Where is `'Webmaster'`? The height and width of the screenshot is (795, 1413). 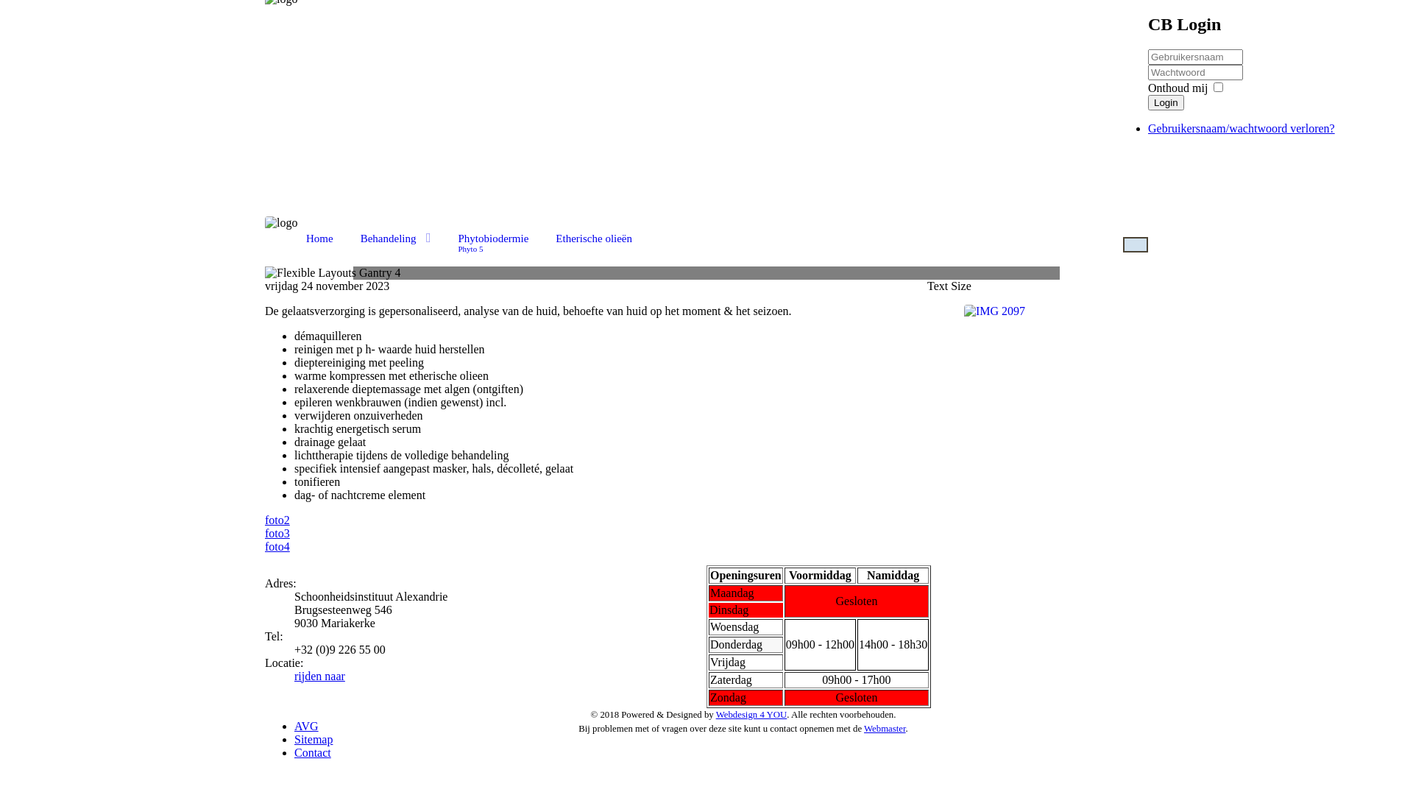 'Webmaster' is located at coordinates (884, 729).